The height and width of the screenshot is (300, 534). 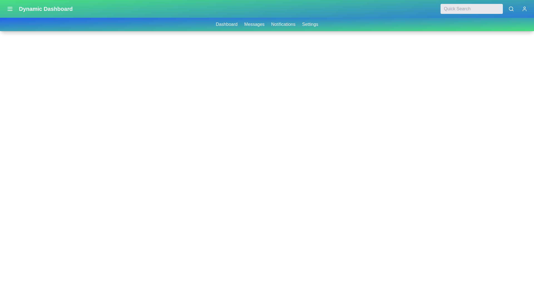 What do you see at coordinates (283, 24) in the screenshot?
I see `the 'Notifications' text label in the horizontal navigation bar` at bounding box center [283, 24].